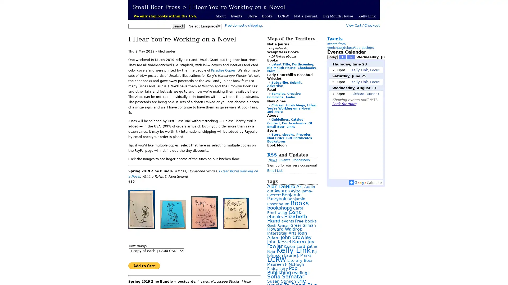 This screenshot has width=508, height=285. What do you see at coordinates (144, 265) in the screenshot?
I see `PayPal - The safer, easier way to pay online!` at bounding box center [144, 265].